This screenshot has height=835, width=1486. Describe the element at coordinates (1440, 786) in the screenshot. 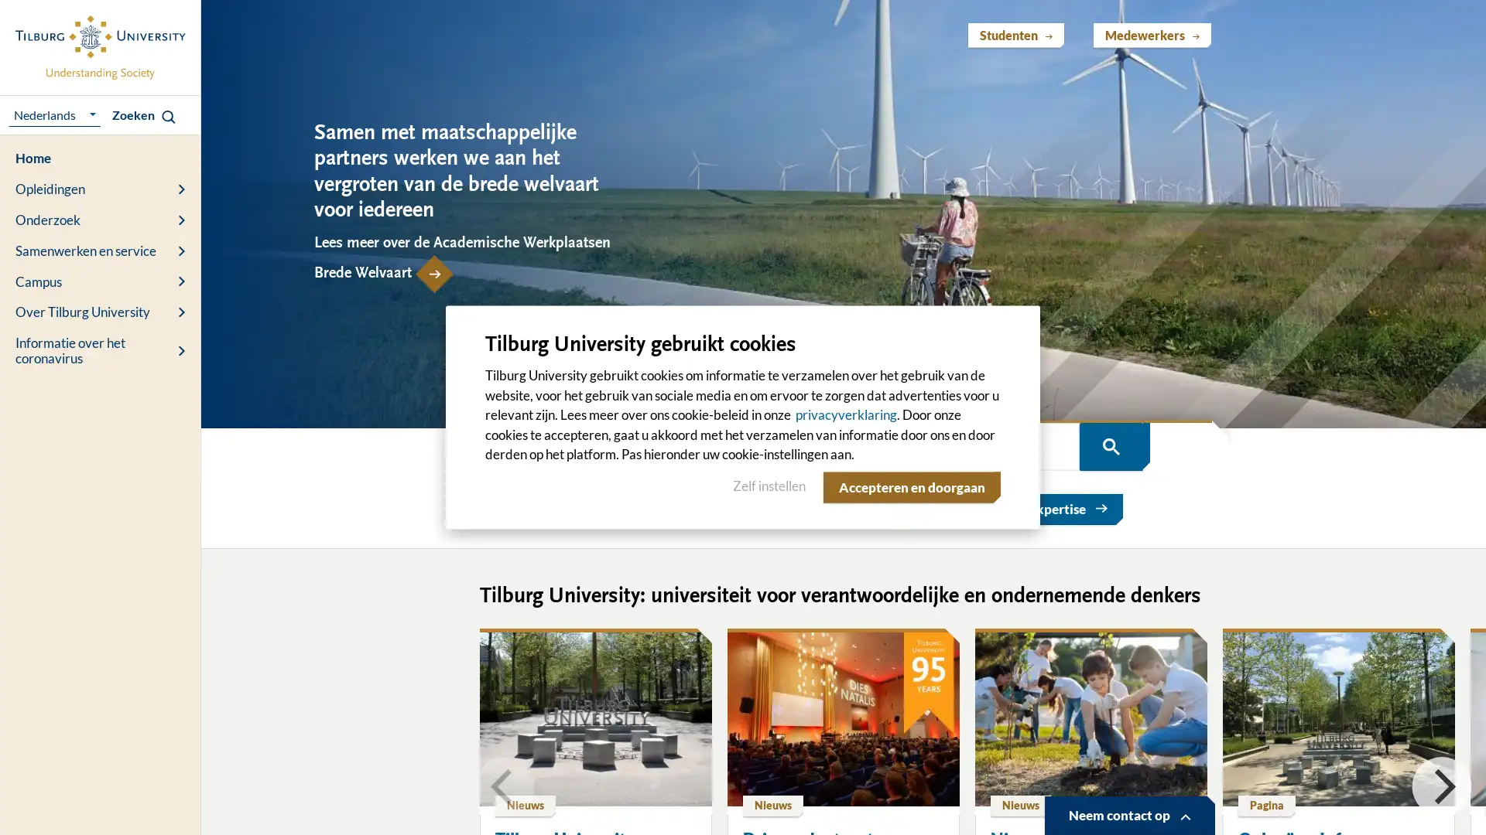

I see `next` at that location.